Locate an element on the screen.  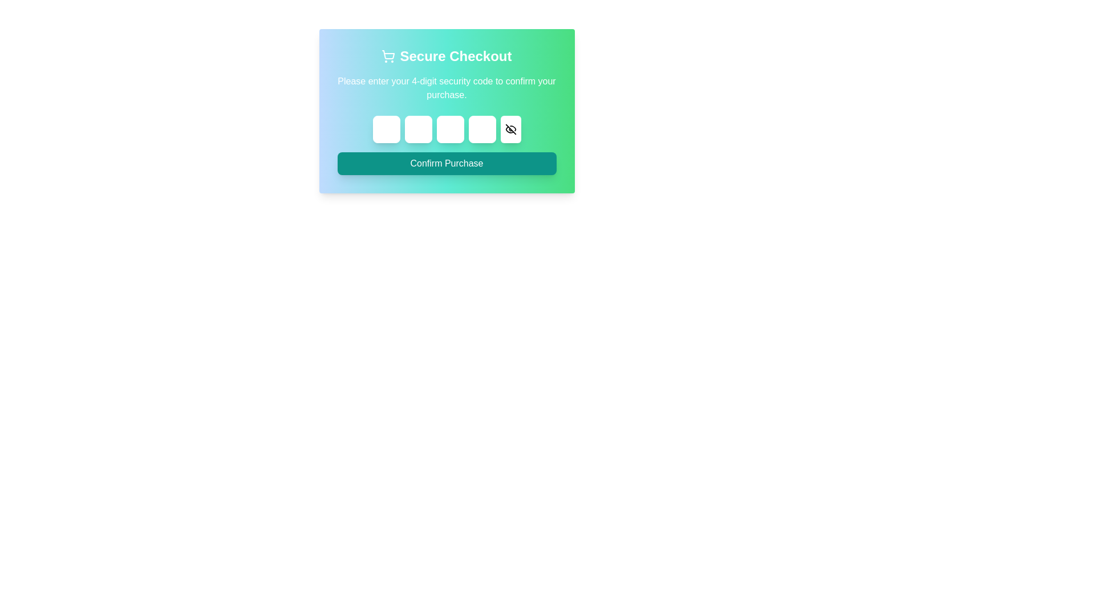
the Text Label providing instructions for the security code input, located below the 'Secure Checkout' heading is located at coordinates (446, 87).